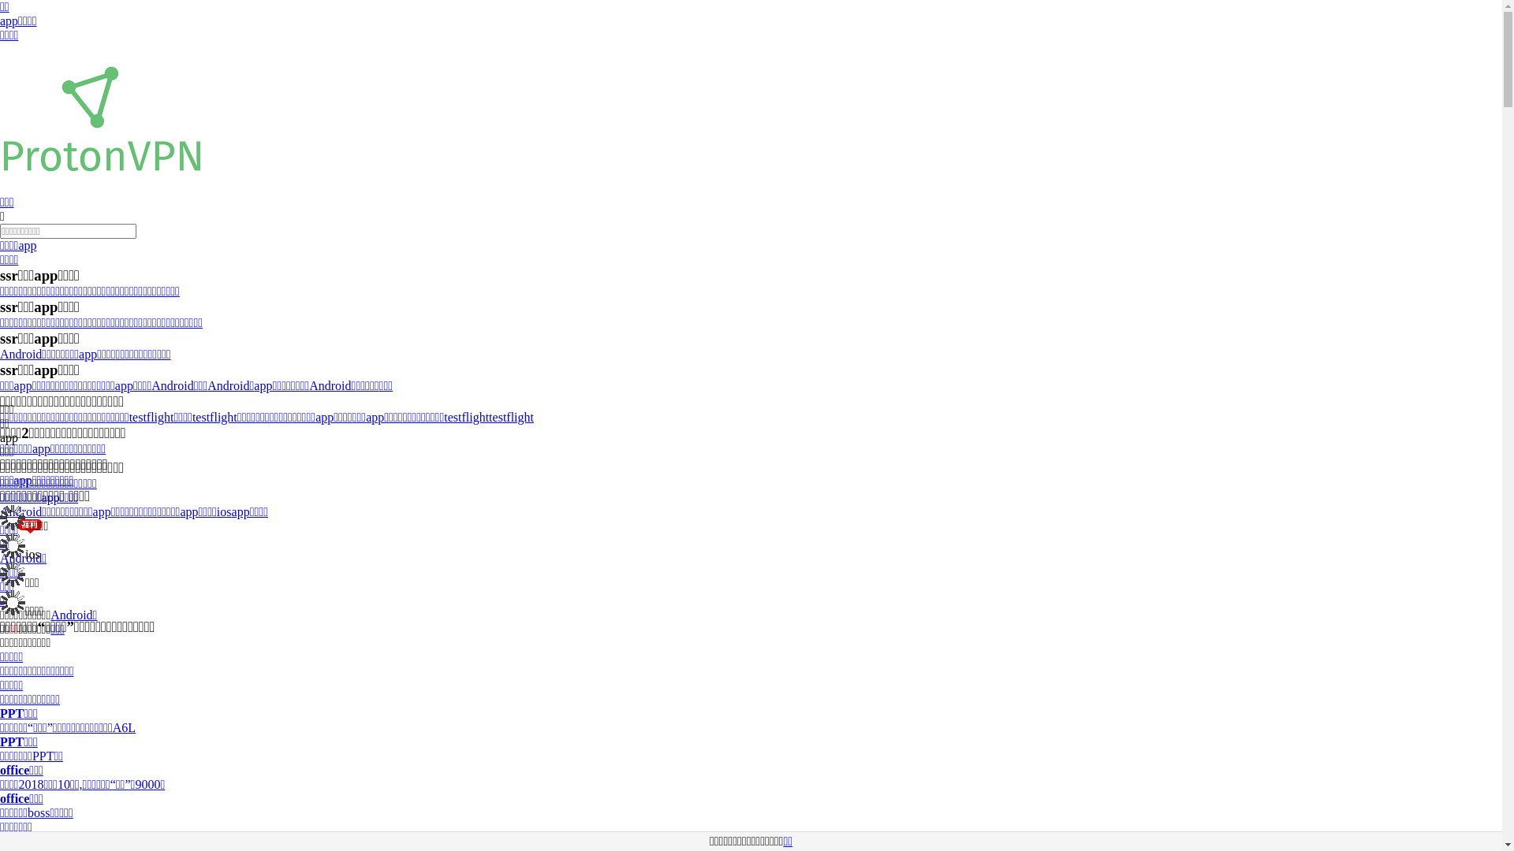  What do you see at coordinates (465, 416) in the screenshot?
I see `'testflight'` at bounding box center [465, 416].